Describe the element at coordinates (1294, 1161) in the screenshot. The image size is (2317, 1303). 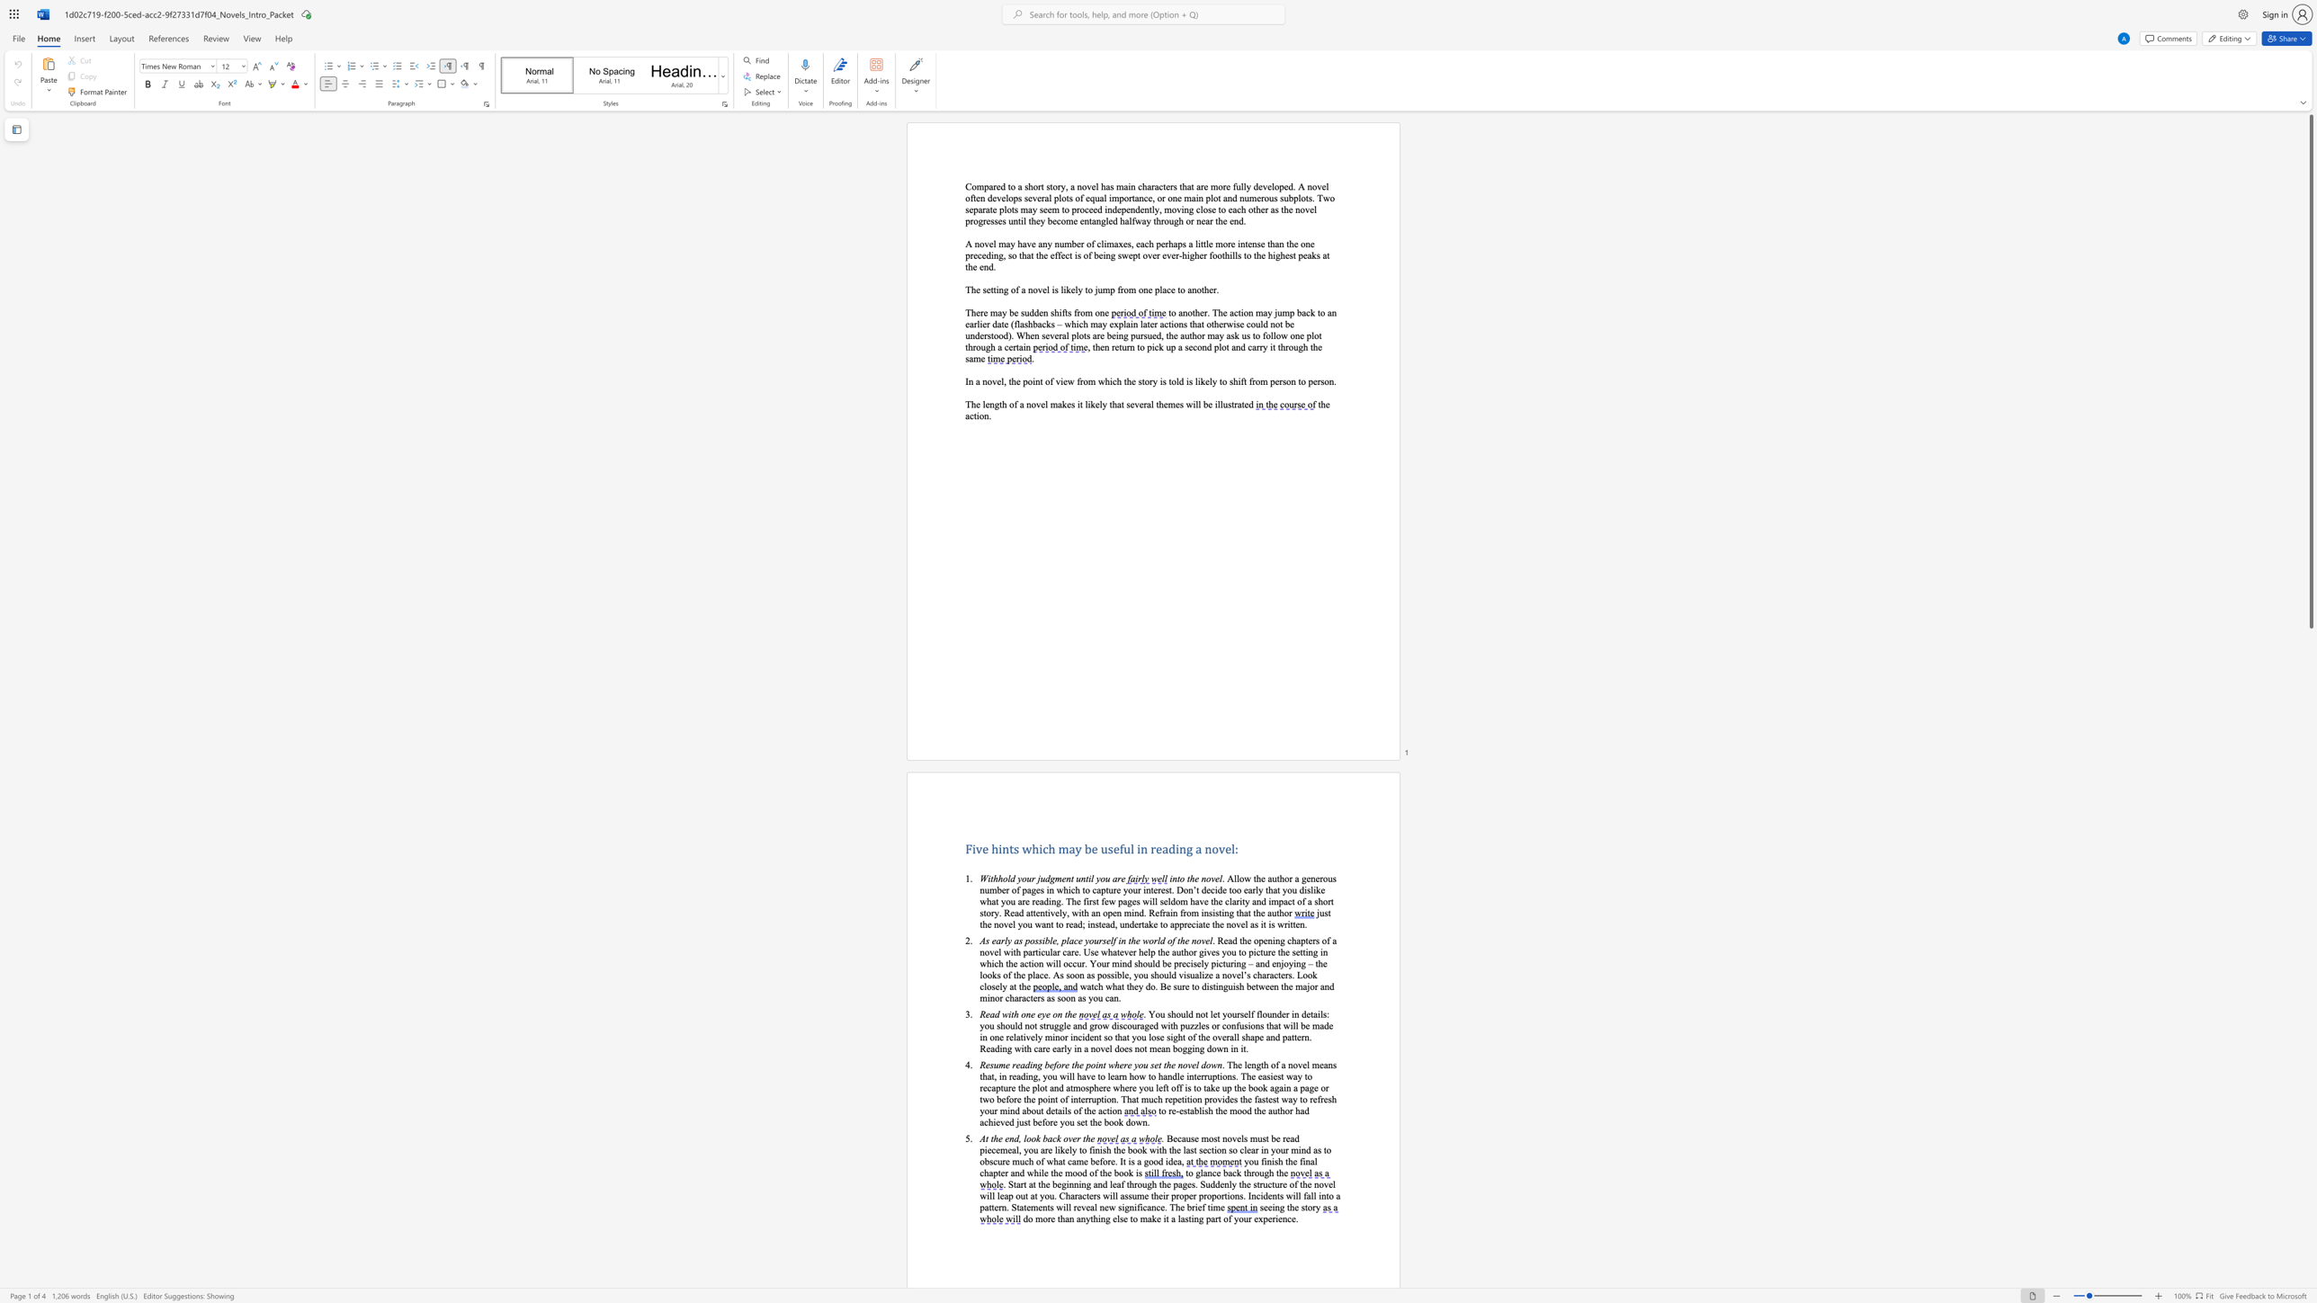
I see `the 1th character "e" in the text` at that location.